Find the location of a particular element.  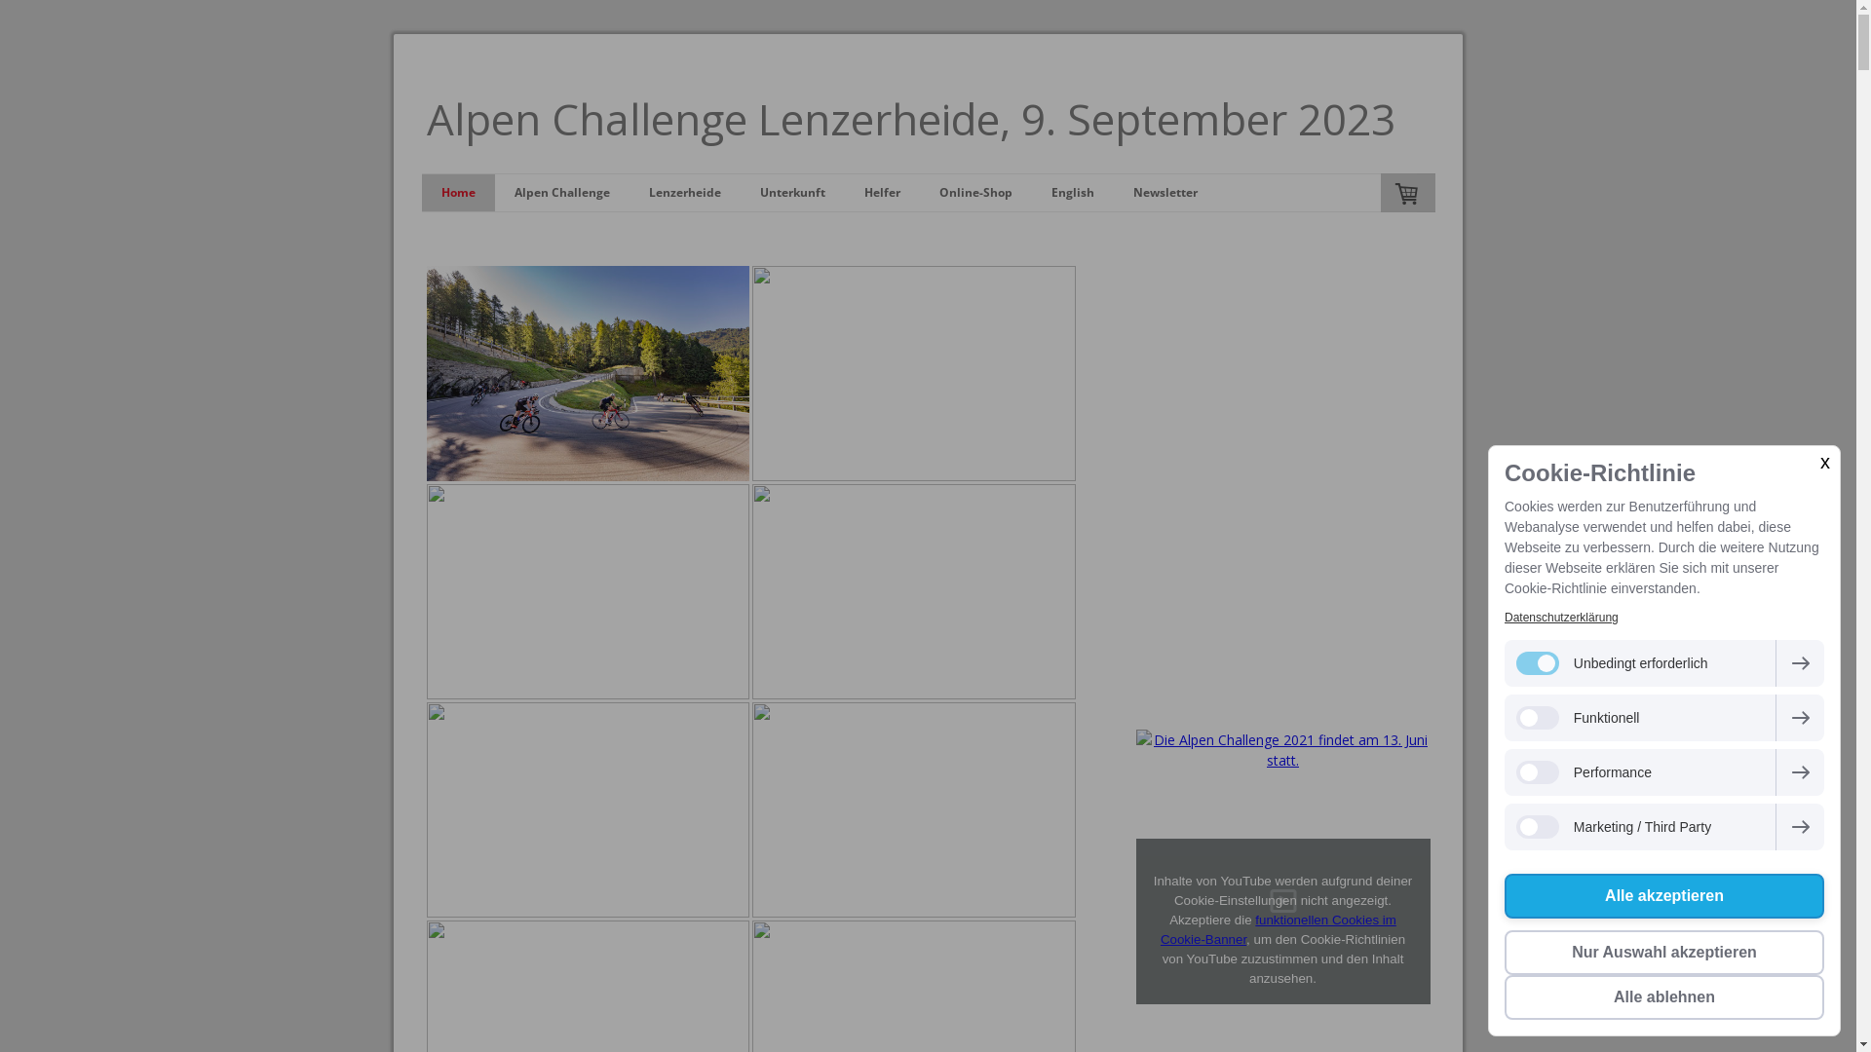

'funktionellen Cookies im Cookie-Banner' is located at coordinates (1278, 928).